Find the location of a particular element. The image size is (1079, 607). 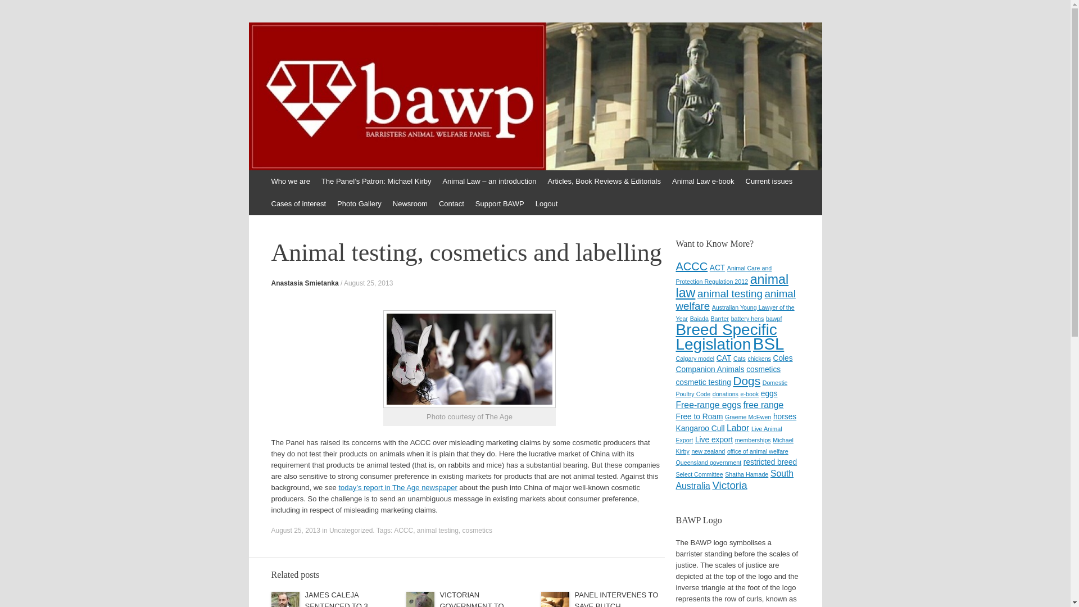

'Live export' is located at coordinates (713, 439).